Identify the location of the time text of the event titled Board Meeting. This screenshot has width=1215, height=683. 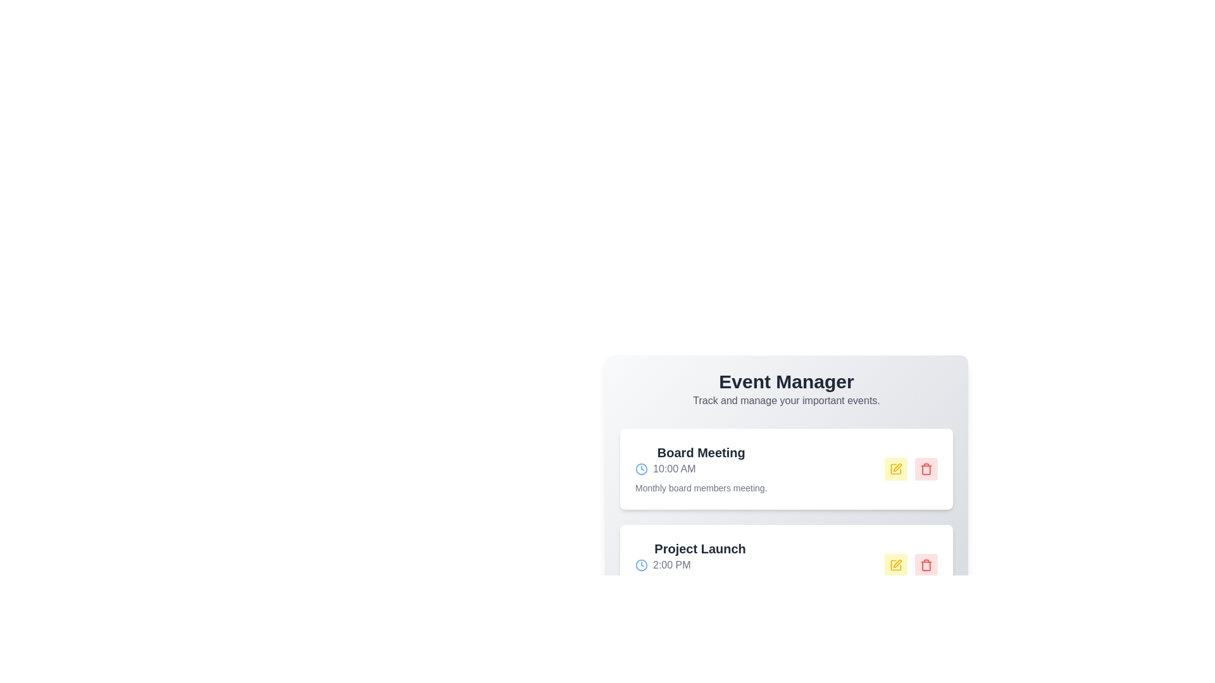
(701, 469).